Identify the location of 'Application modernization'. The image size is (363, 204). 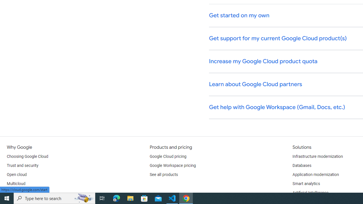
(315, 175).